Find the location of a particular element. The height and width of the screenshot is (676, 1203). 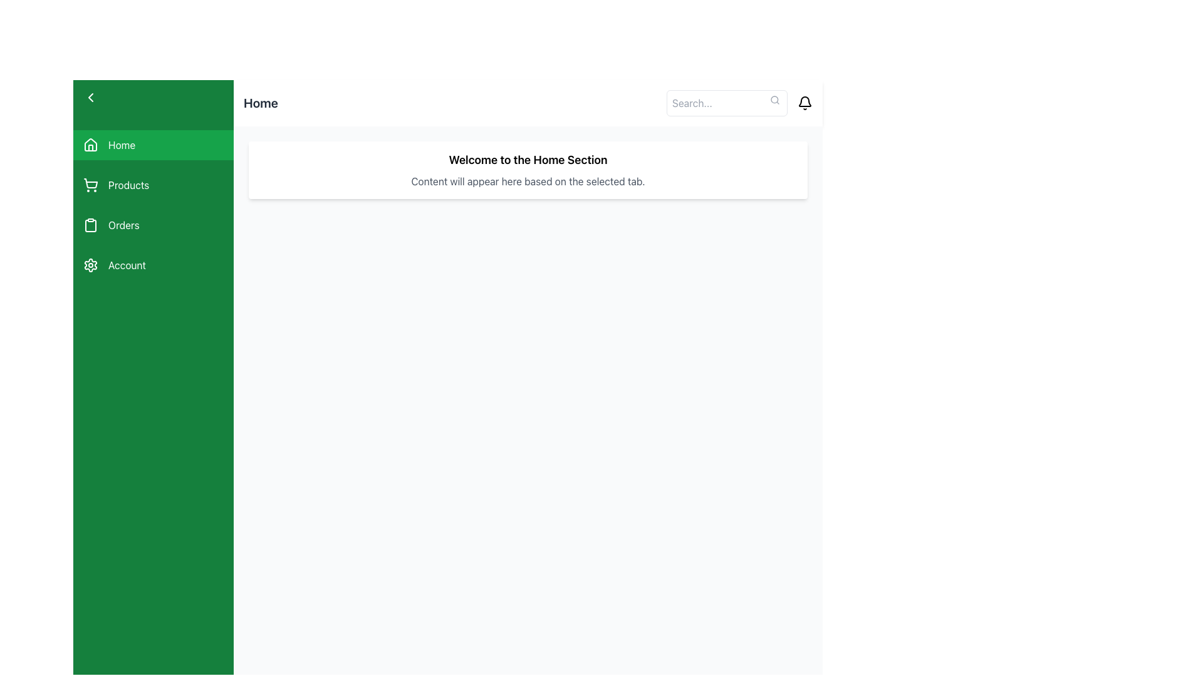

the back button located at the top of the sidebar, which allows navigation to the previous or higher-level view in the hierarchy is located at coordinates (152, 96).